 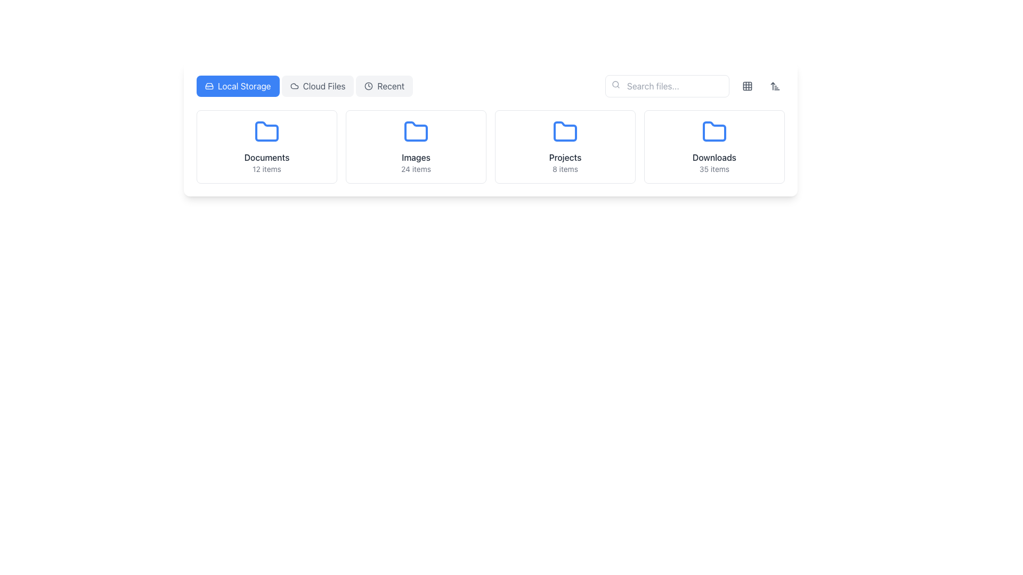 What do you see at coordinates (616, 84) in the screenshot?
I see `the search icon located to the left of the 'Search files...' input field, which serves as a visual indicator for the search functionality` at bounding box center [616, 84].